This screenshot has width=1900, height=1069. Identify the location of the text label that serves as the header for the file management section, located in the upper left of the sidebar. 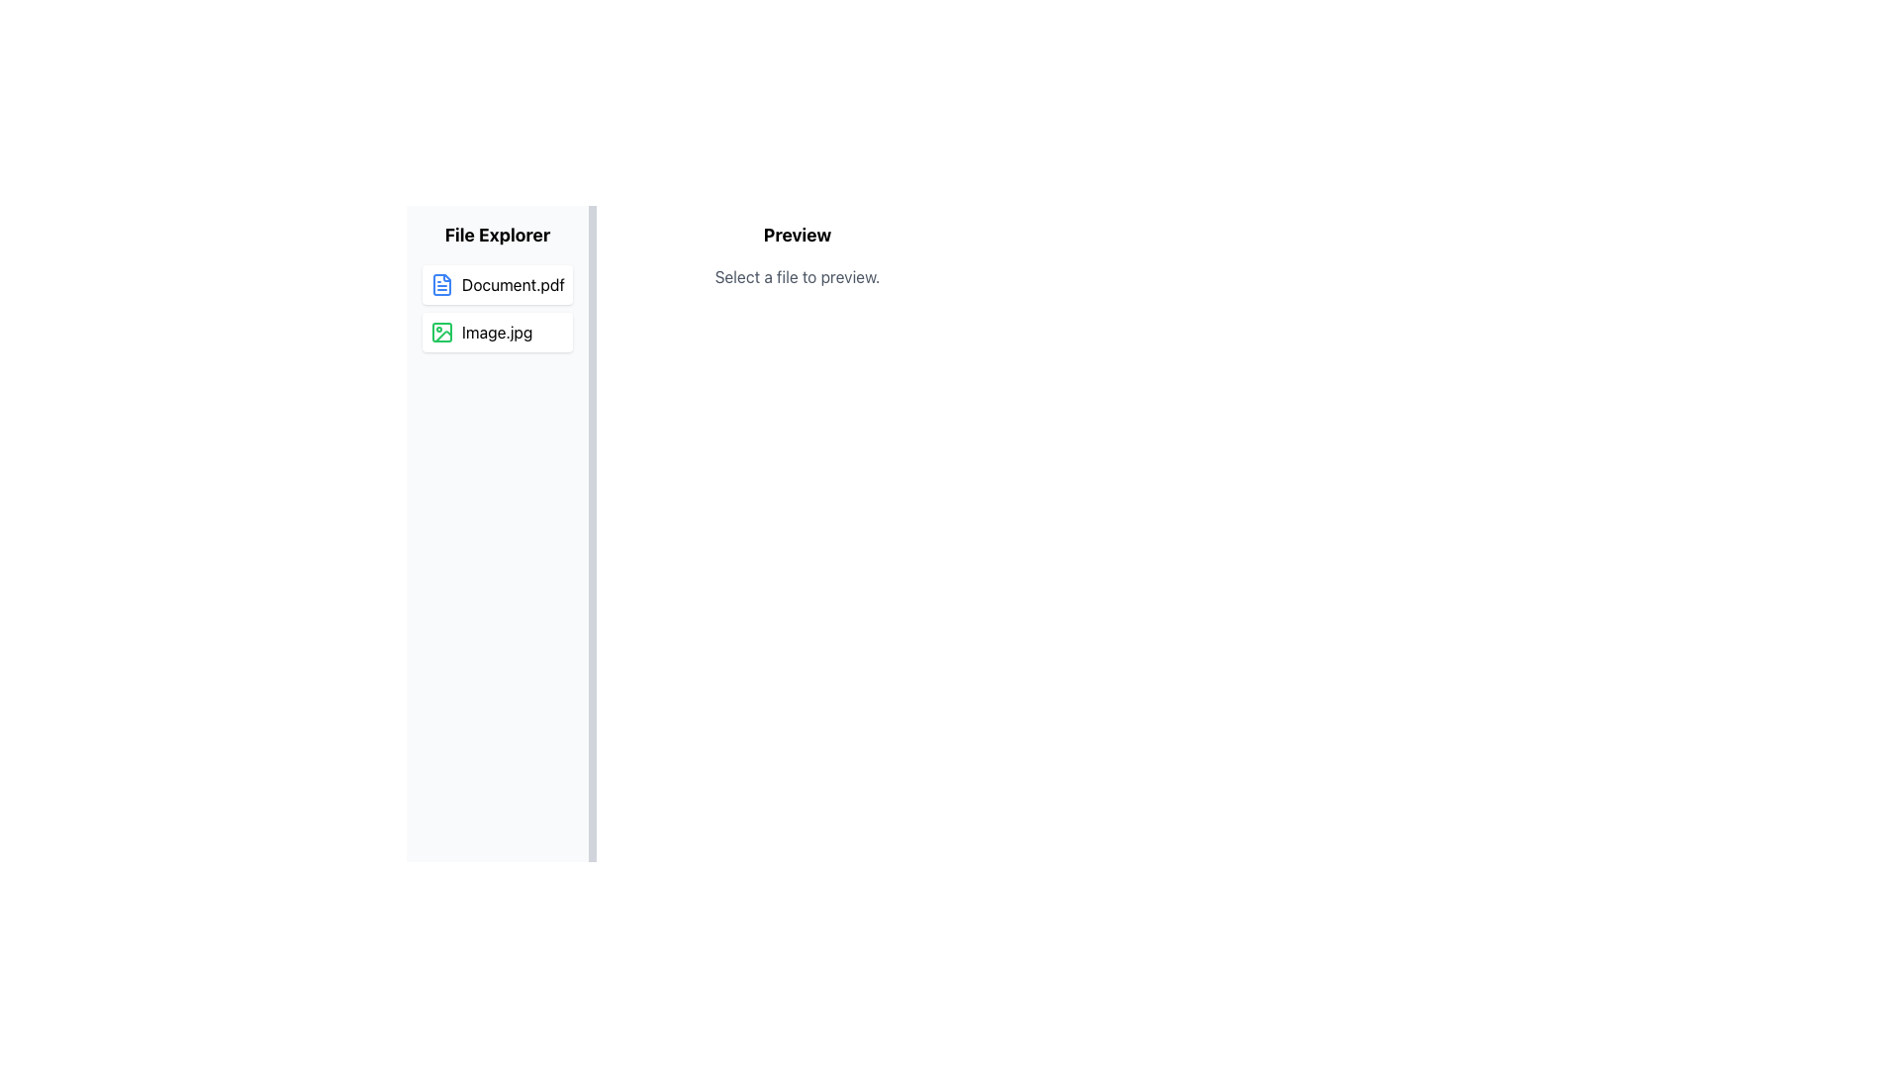
(498, 235).